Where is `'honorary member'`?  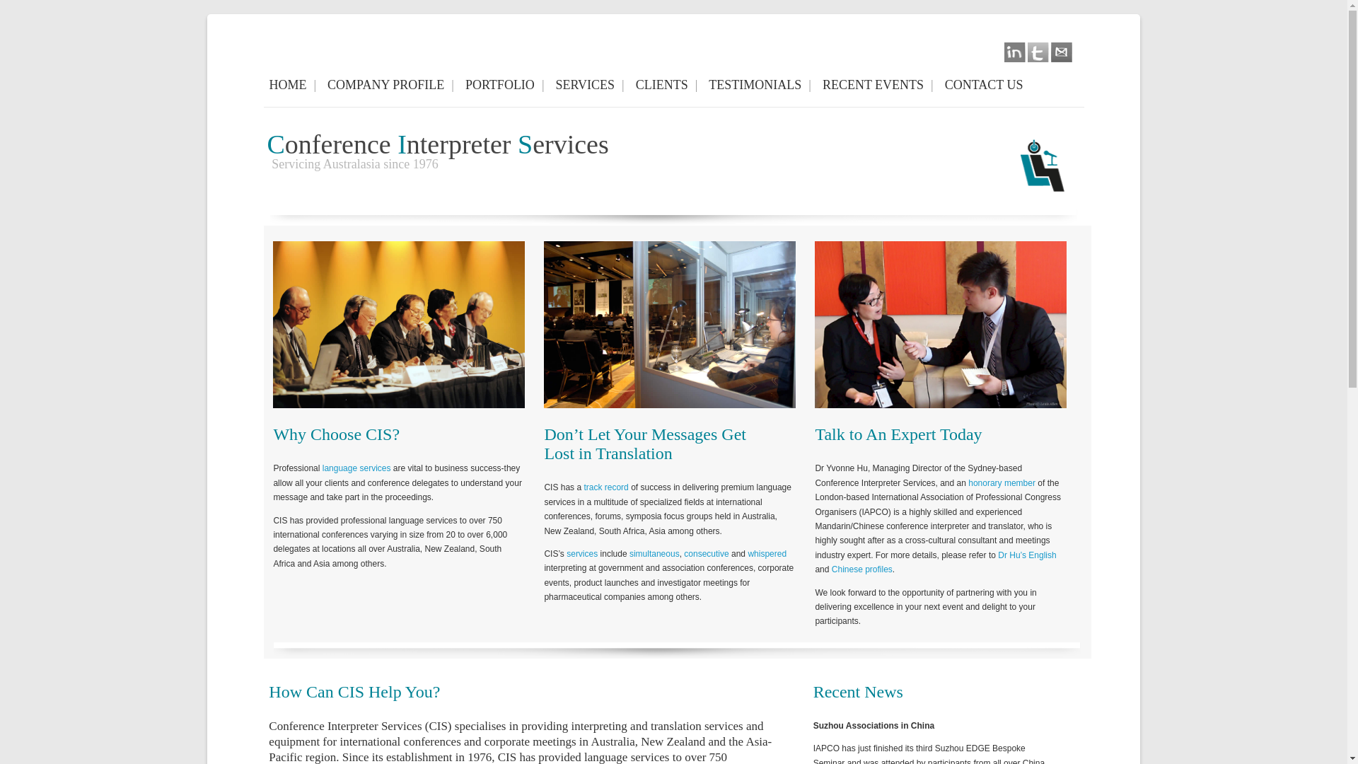 'honorary member' is located at coordinates (1001, 482).